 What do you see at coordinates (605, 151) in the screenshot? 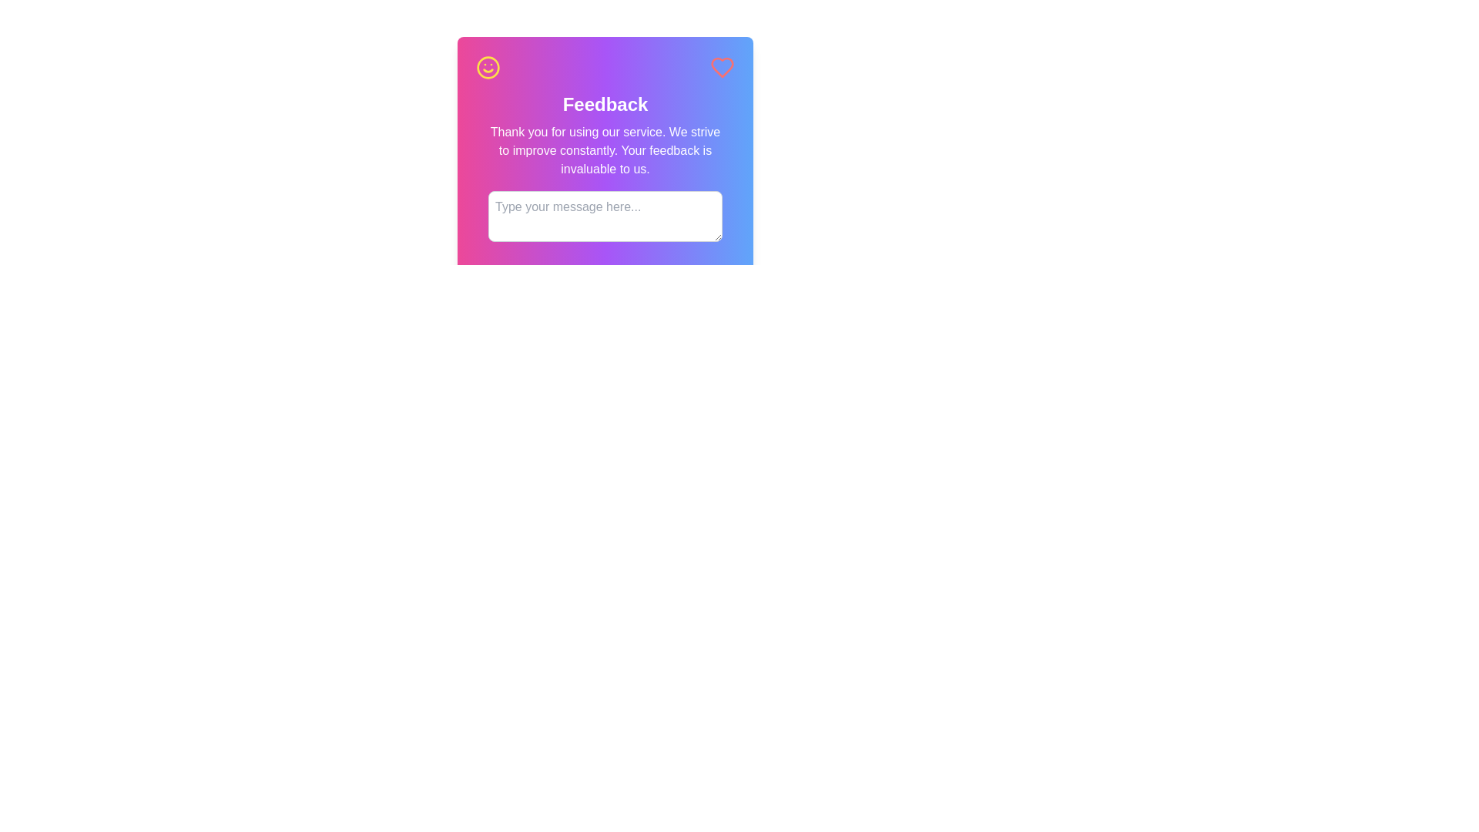
I see `the static text block that instructs users about the importance of their feedback, which is located beneath the title 'Feedback' and above the text input field` at bounding box center [605, 151].